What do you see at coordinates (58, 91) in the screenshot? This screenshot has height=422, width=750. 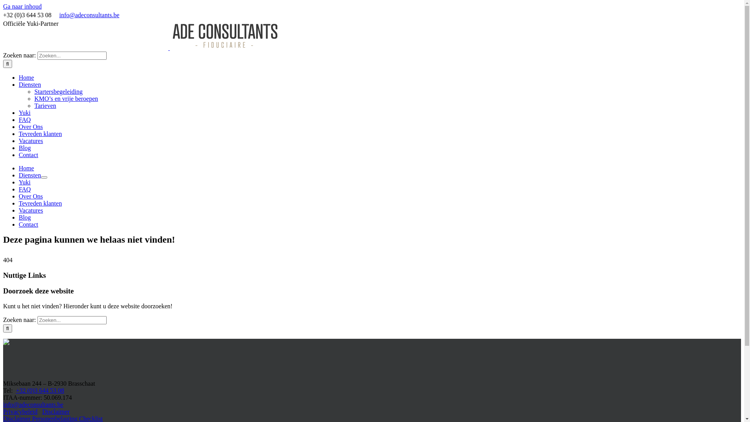 I see `'Startersbegeleiding'` at bounding box center [58, 91].